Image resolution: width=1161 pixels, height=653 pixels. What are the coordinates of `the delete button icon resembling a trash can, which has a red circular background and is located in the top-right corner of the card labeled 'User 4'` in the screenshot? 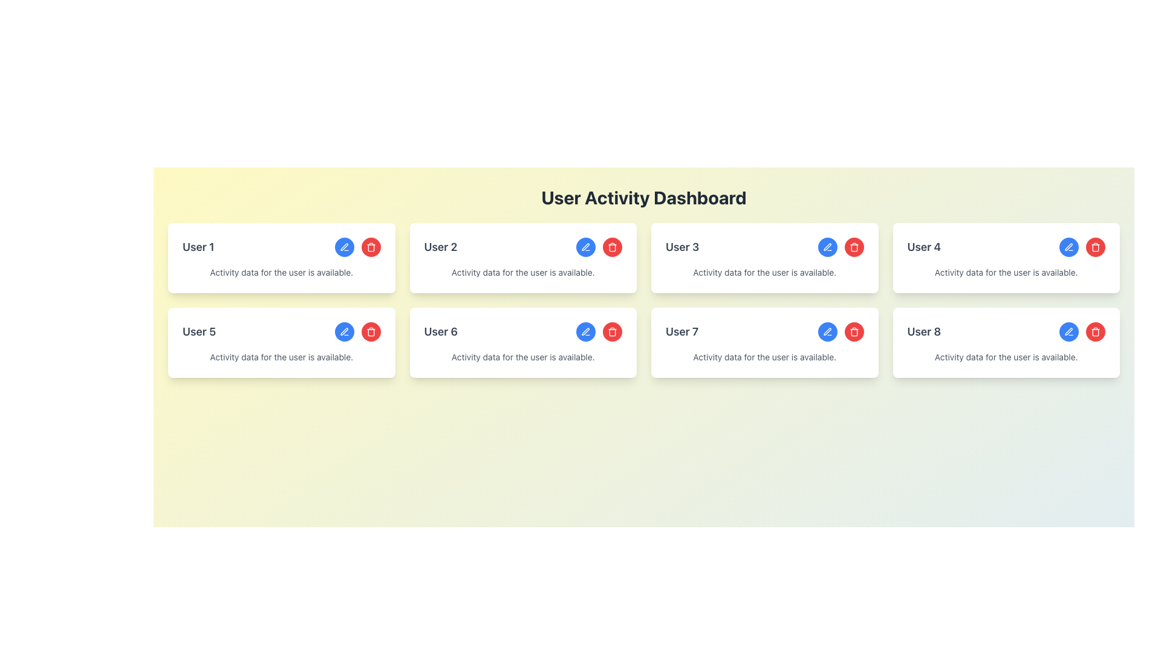 It's located at (1095, 246).